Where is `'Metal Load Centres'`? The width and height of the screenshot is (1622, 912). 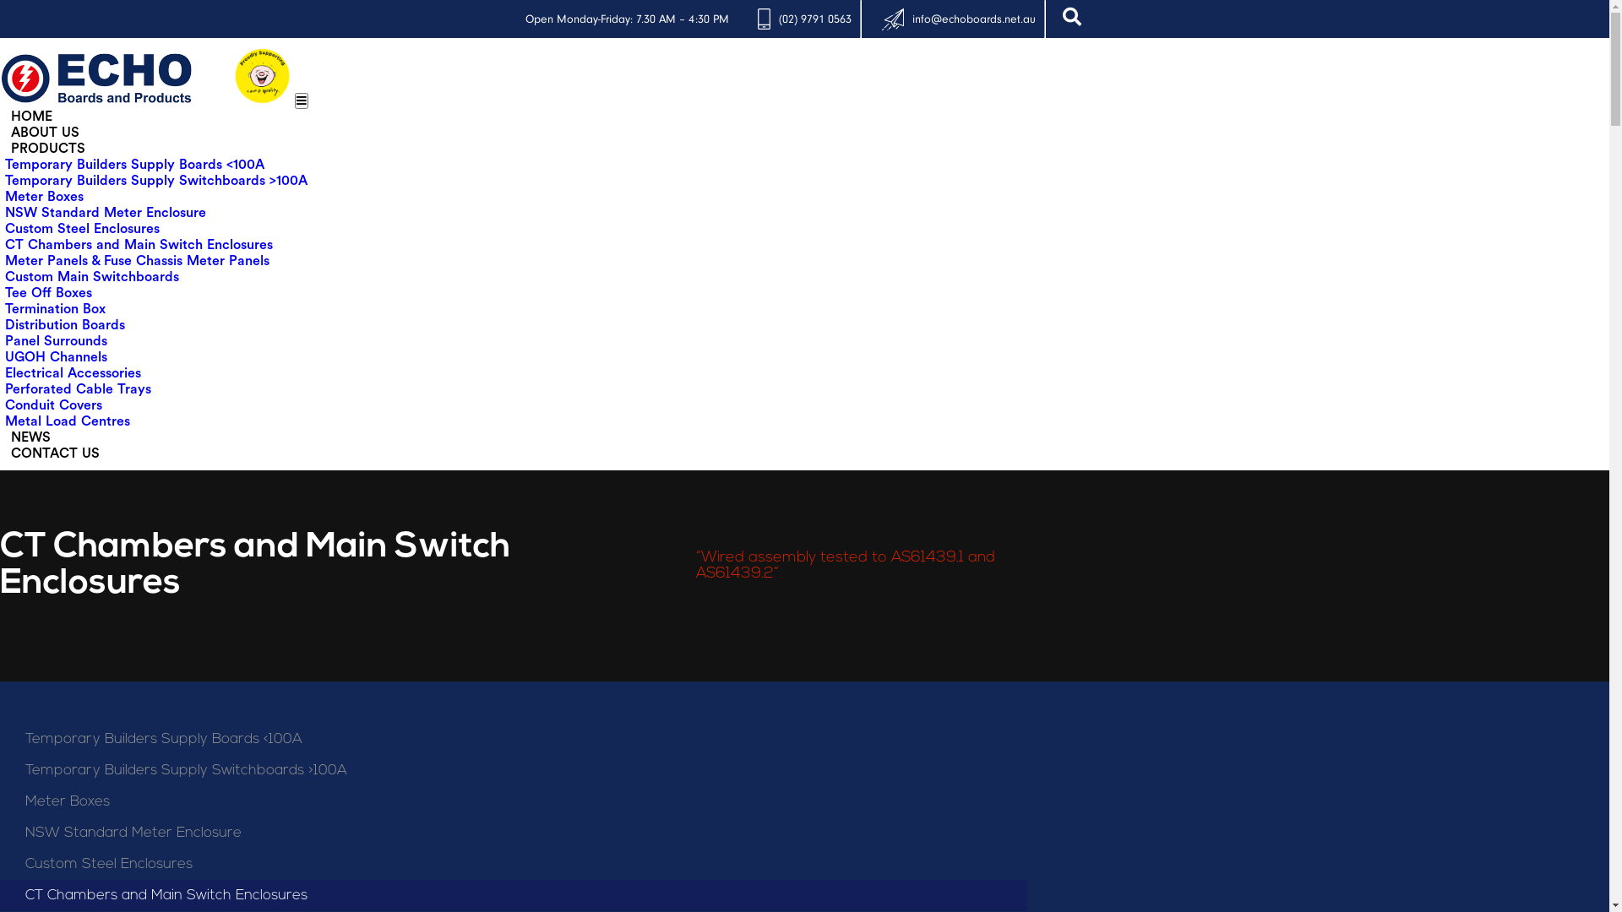 'Metal Load Centres' is located at coordinates (68, 420).